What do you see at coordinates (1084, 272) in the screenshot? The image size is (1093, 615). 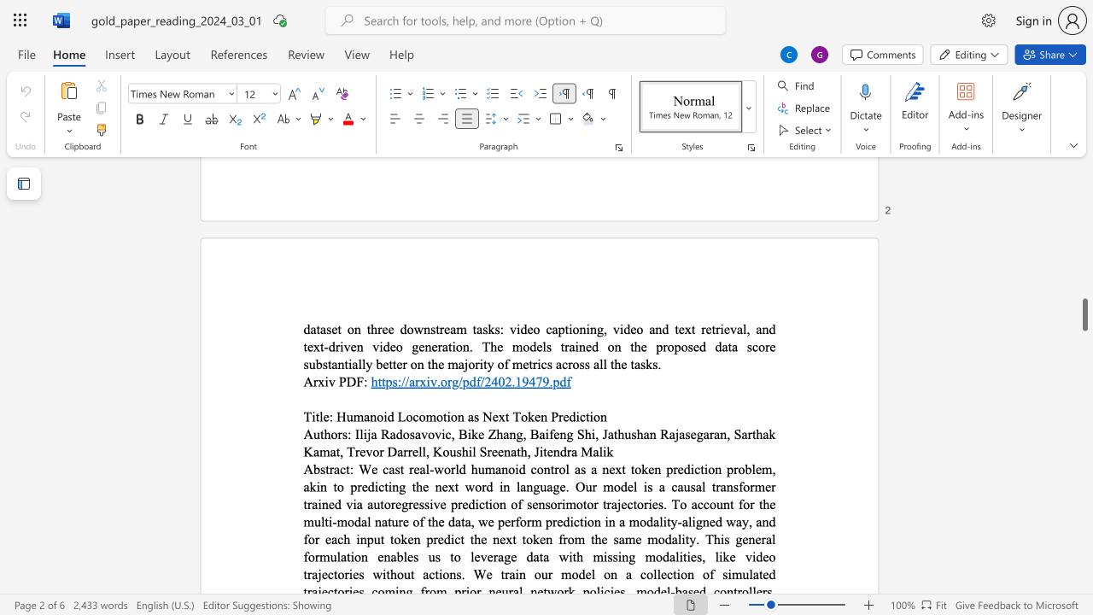 I see `the scrollbar to move the view up` at bounding box center [1084, 272].